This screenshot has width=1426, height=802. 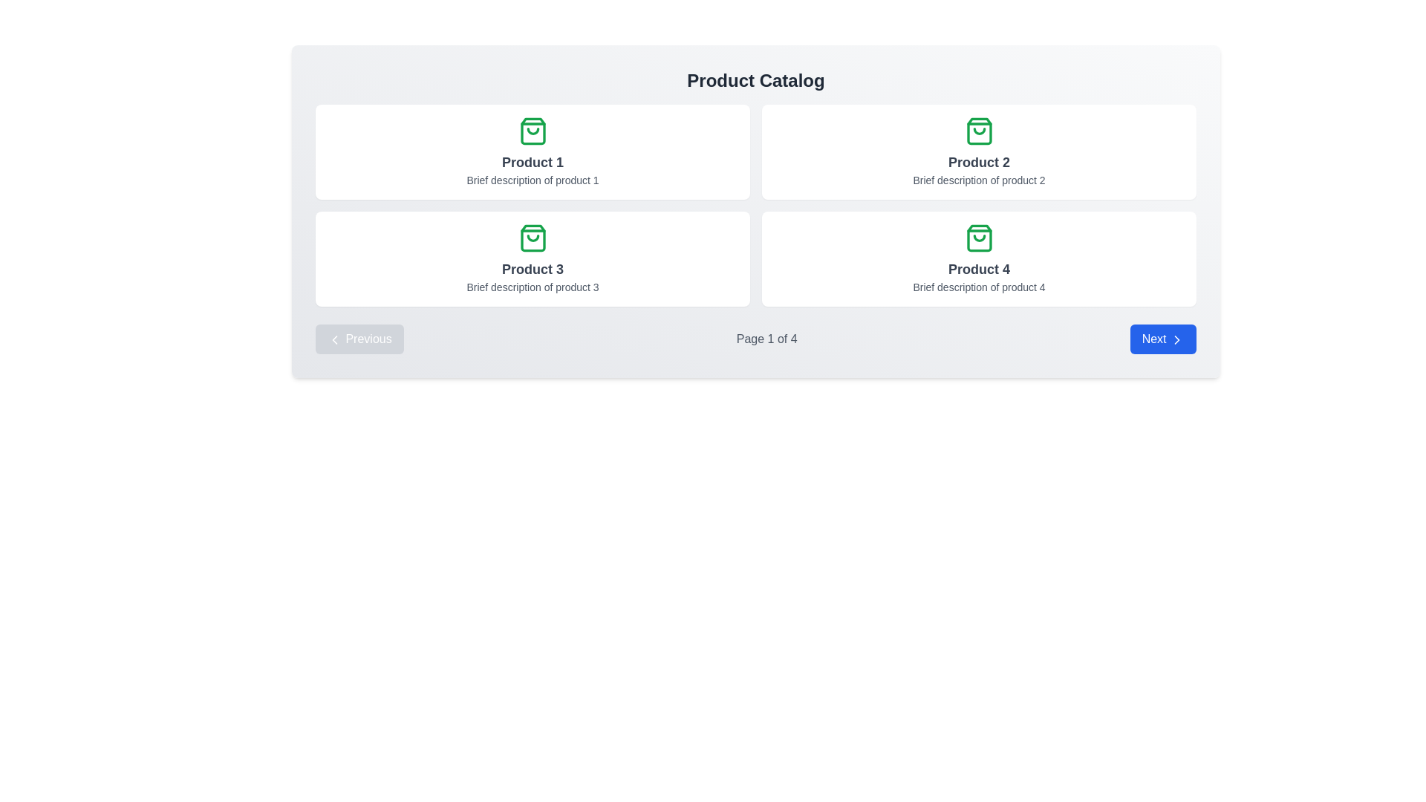 What do you see at coordinates (533, 237) in the screenshot?
I see `the upper portion of the shopping bag icon` at bounding box center [533, 237].